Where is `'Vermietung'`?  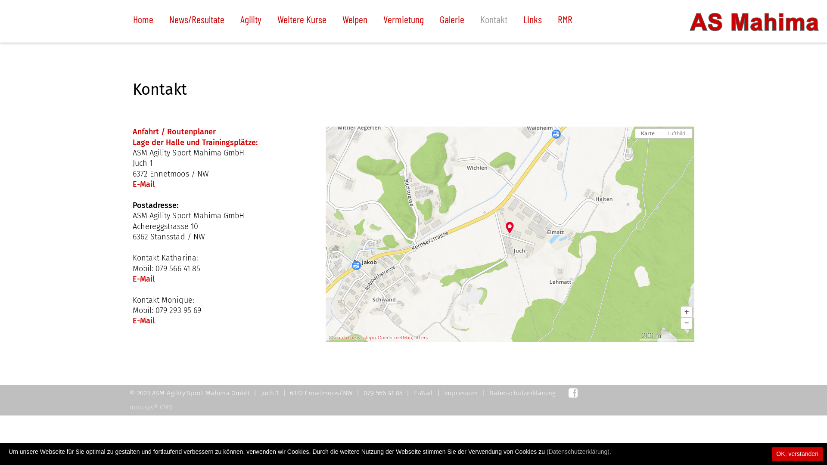 'Vermietung' is located at coordinates (403, 21).